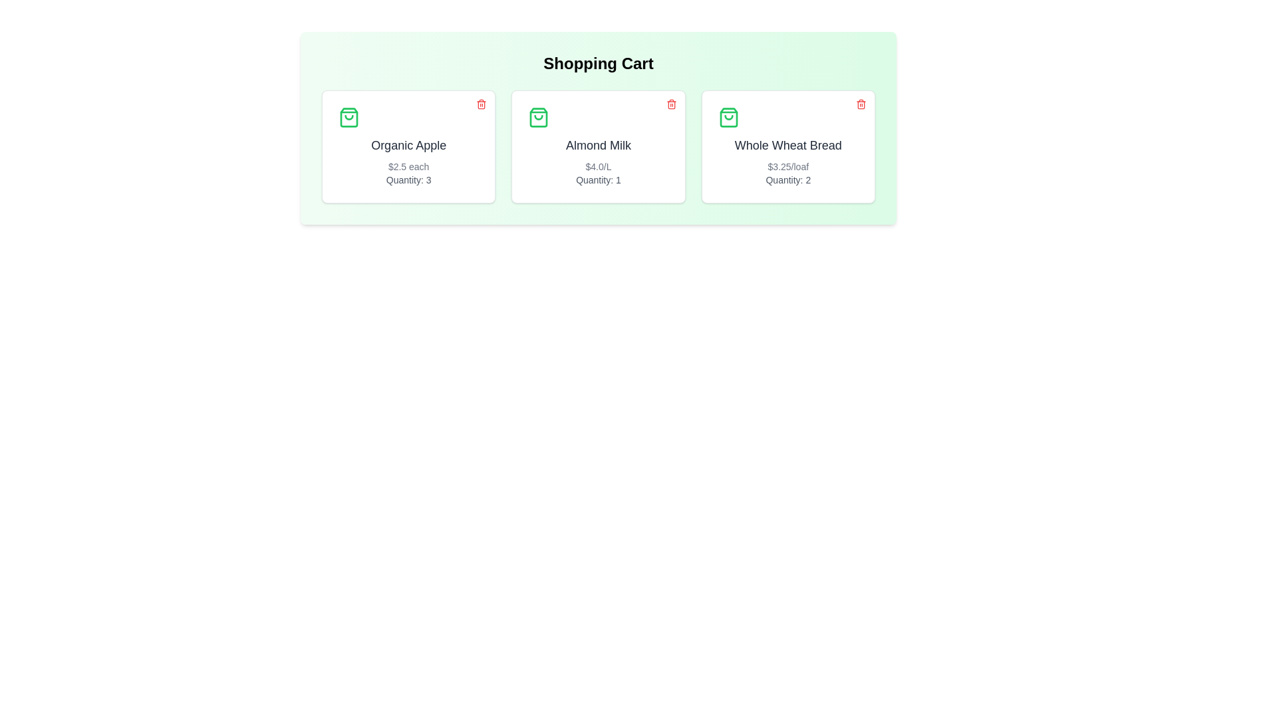 This screenshot has height=718, width=1277. What do you see at coordinates (481, 104) in the screenshot?
I see `the trash icon of the item named Organic Apple to remove it from the cart` at bounding box center [481, 104].